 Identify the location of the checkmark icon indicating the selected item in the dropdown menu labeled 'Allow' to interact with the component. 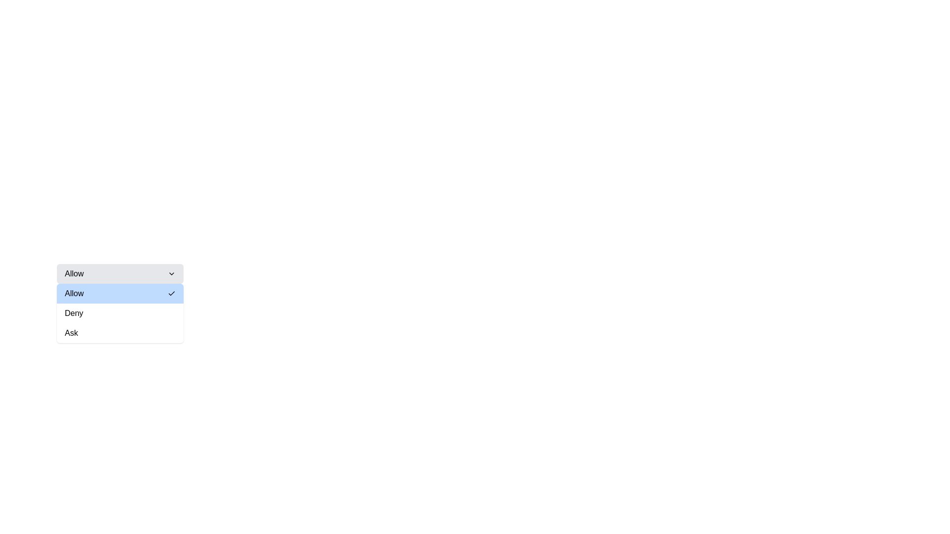
(171, 293).